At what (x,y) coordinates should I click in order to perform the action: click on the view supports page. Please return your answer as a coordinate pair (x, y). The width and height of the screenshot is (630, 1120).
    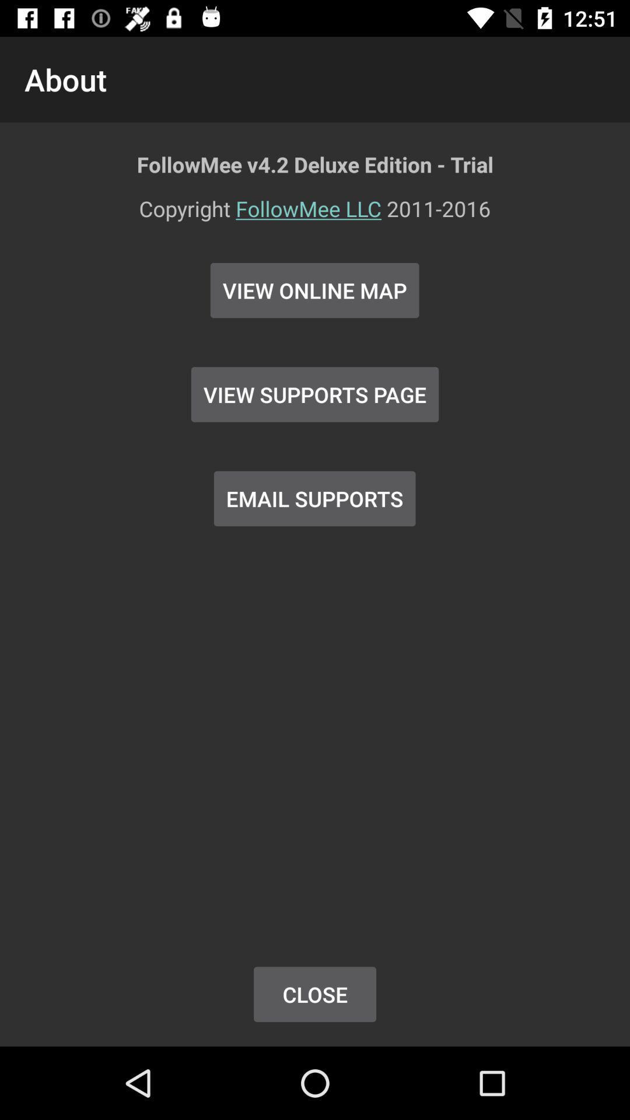
    Looking at the image, I should click on (315, 394).